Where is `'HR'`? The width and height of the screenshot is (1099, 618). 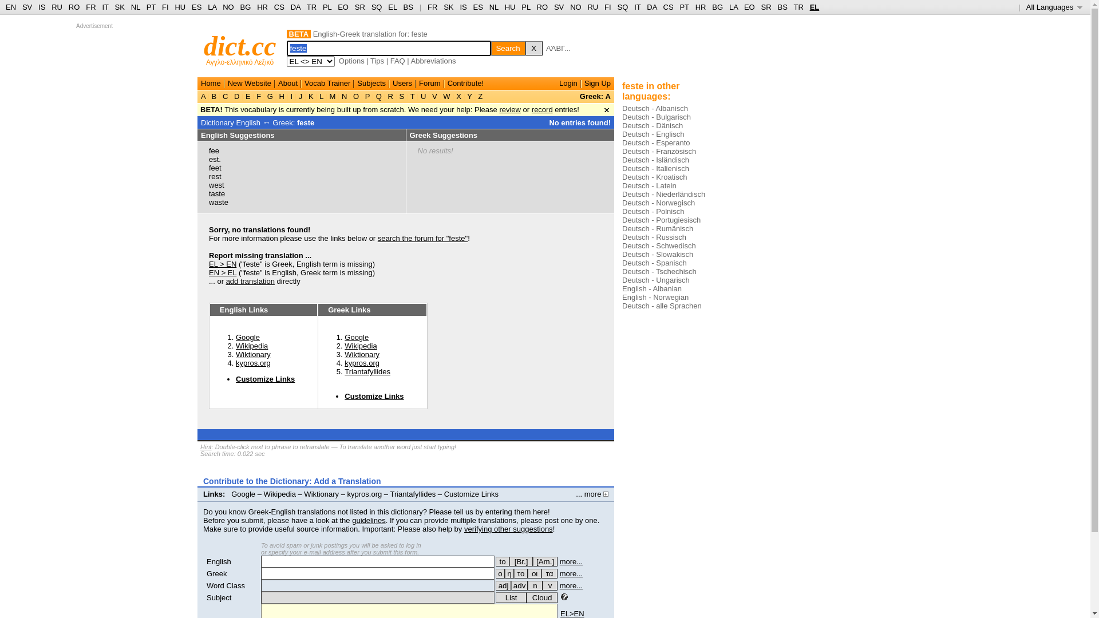 'HR' is located at coordinates (262, 7).